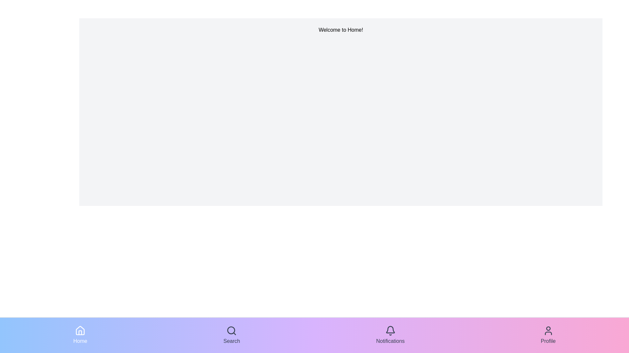 This screenshot has width=629, height=353. I want to click on the second button from the left in the bottom navigation bar, so click(231, 335).